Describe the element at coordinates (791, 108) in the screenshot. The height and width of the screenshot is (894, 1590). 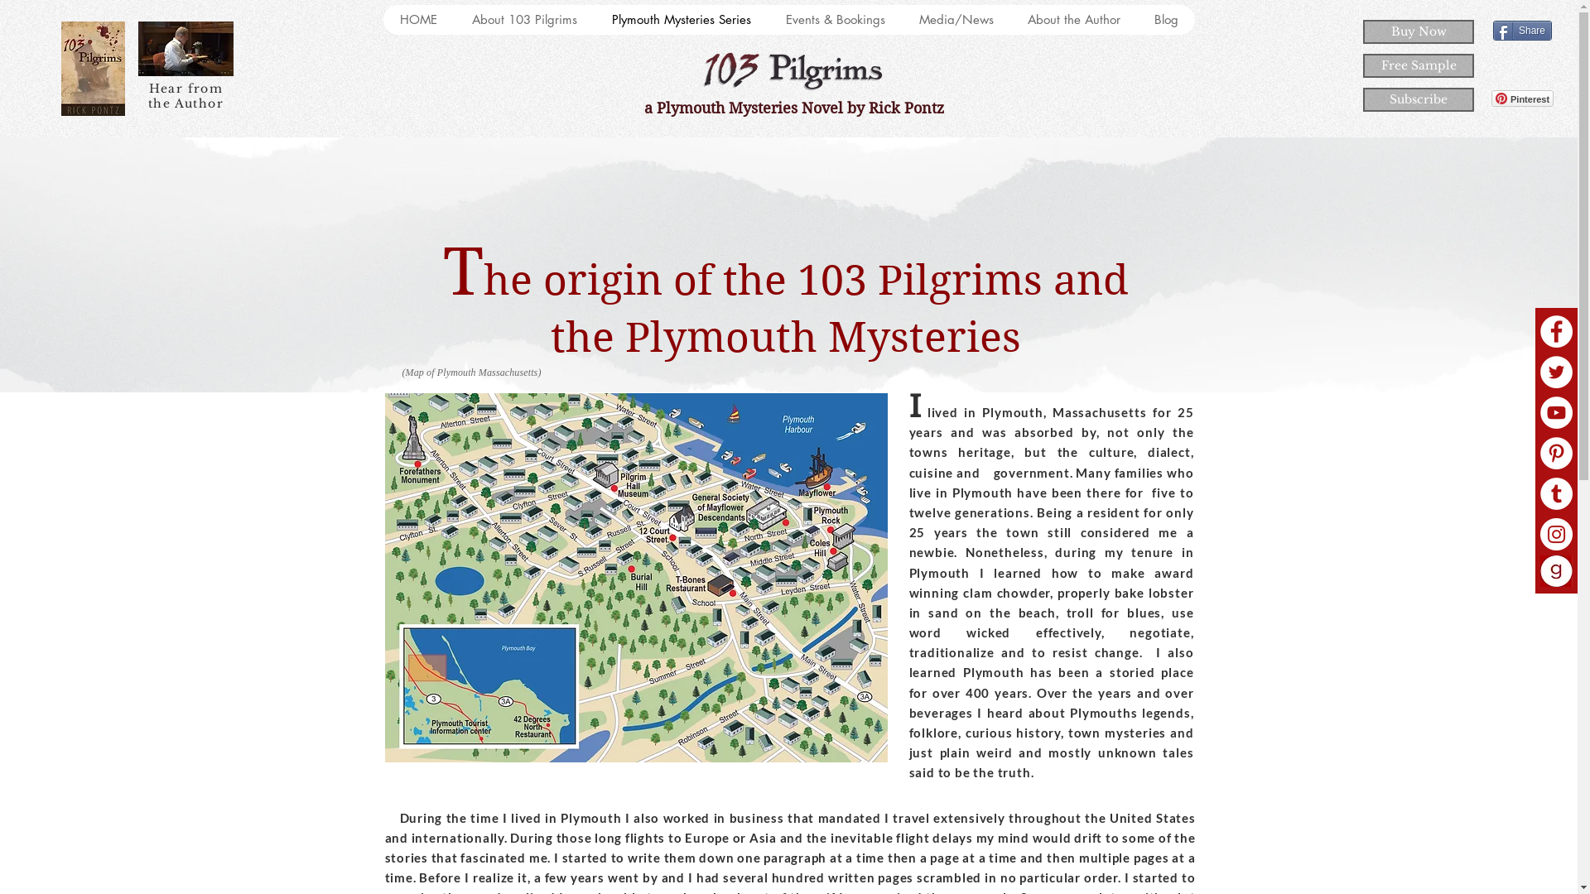
I see `' a Plymouth Mysteries Novel by Rick Pontz'` at that location.